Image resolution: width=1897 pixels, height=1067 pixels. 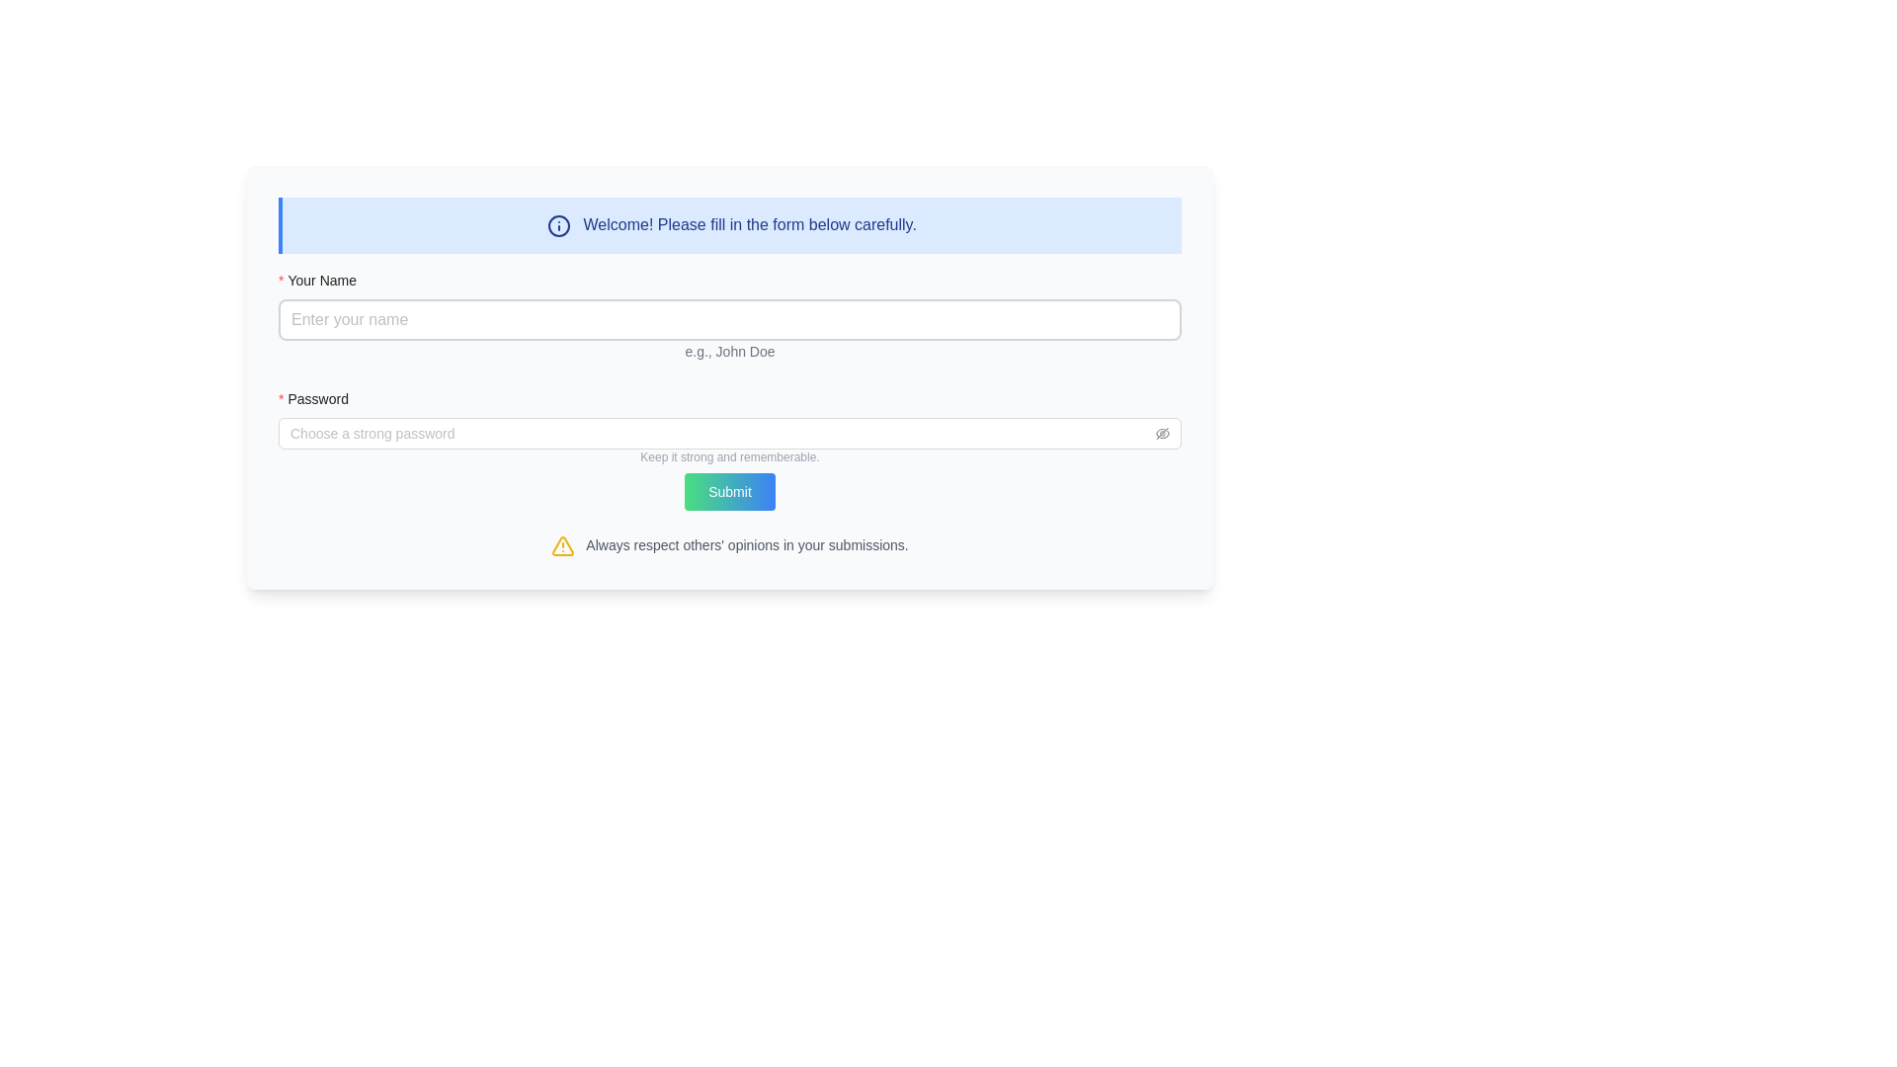 What do you see at coordinates (1162, 432) in the screenshot?
I see `the toggle icon for the password input field to change the visibility of the typed password between visible and hidden states` at bounding box center [1162, 432].